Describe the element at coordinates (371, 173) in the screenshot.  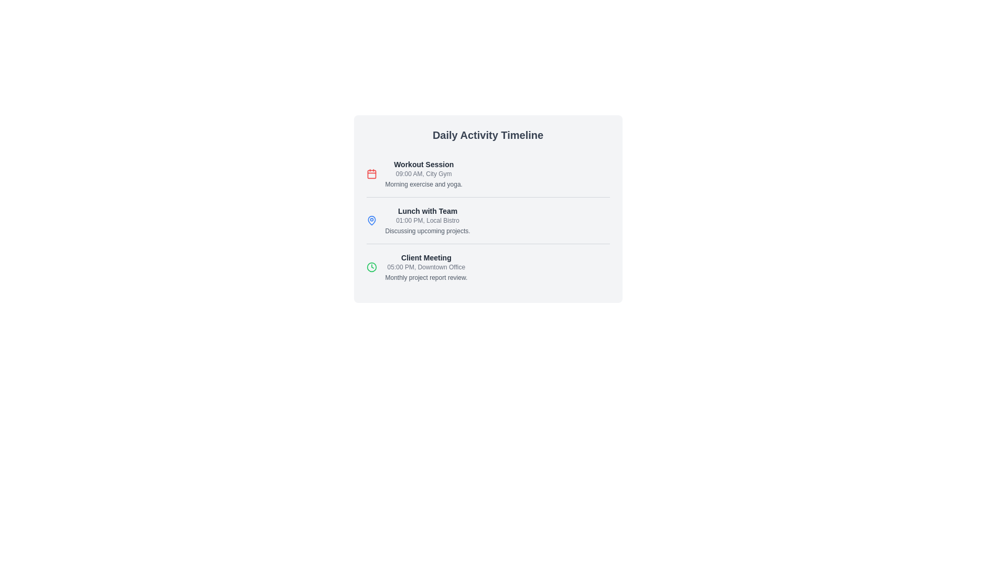
I see `the 'Workout Session' icon in the activity timeline, which visually represents a calendar and is positioned to the left of the text 'Workout Session', '09:00 AM, City Gym', and 'Morning exercise and yoga.'` at that location.